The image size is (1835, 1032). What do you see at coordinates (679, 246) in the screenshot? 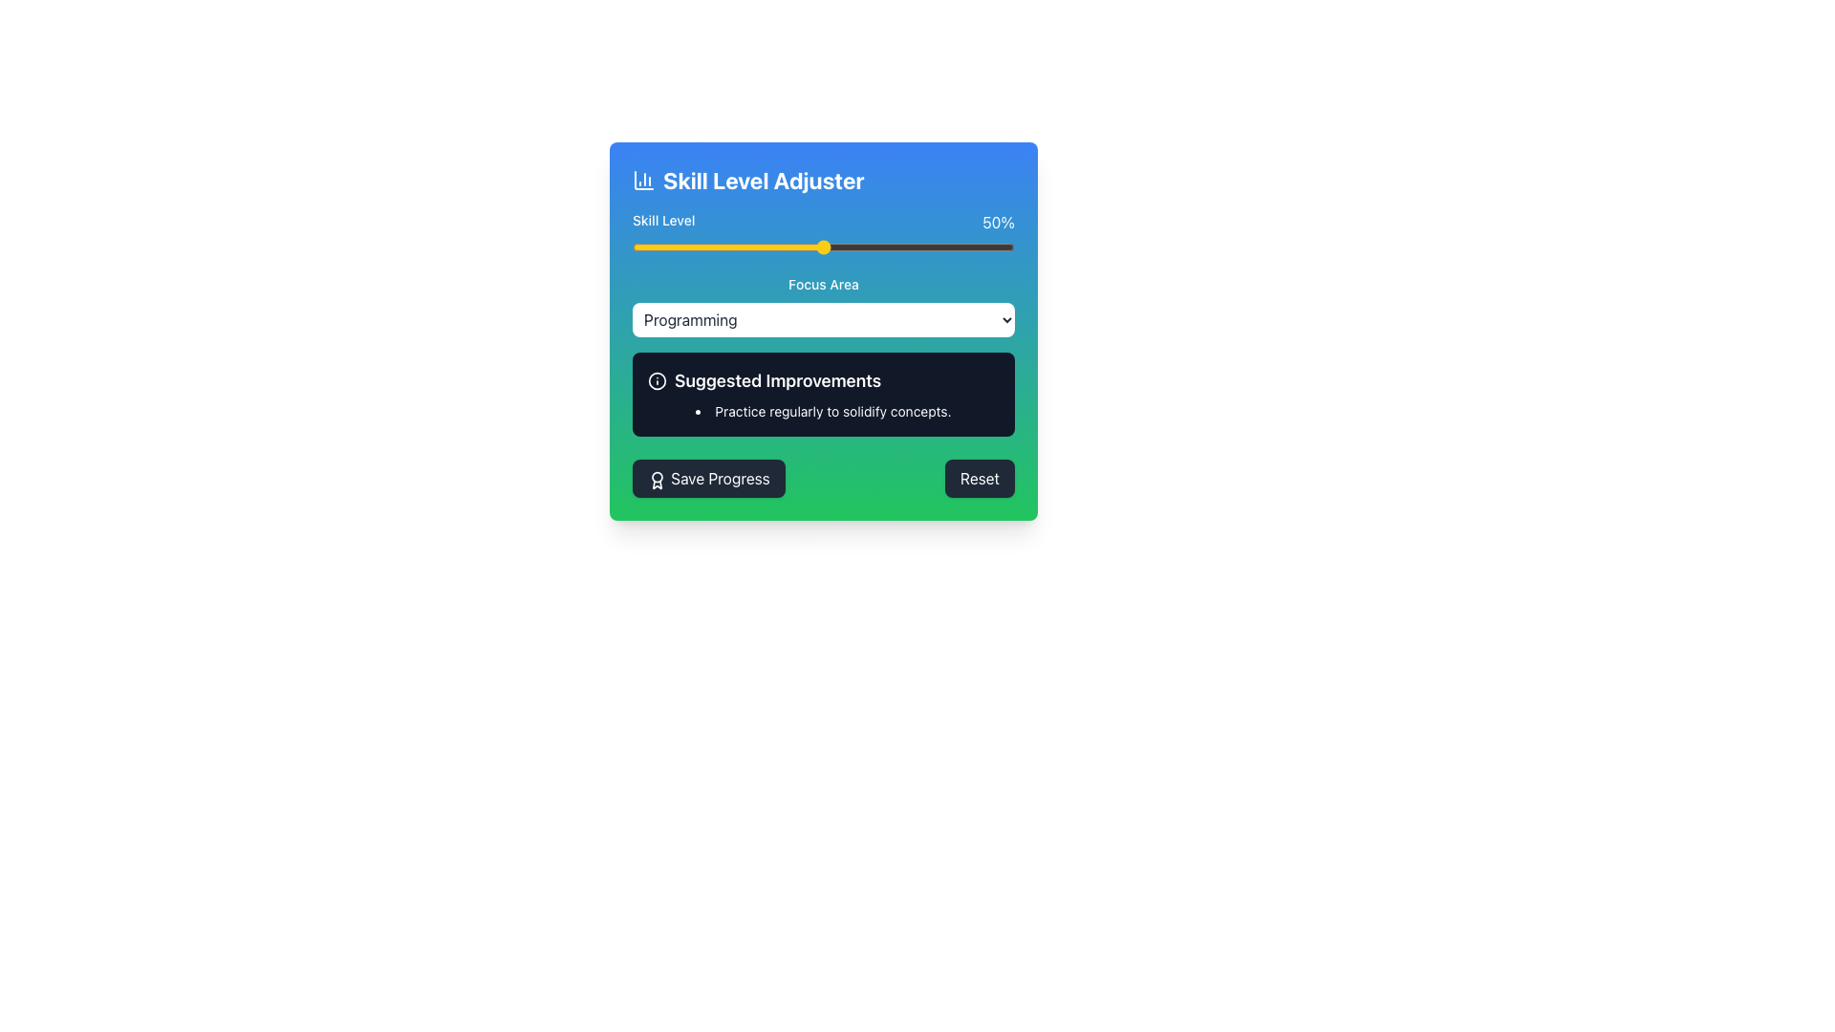
I see `the skill level` at bounding box center [679, 246].